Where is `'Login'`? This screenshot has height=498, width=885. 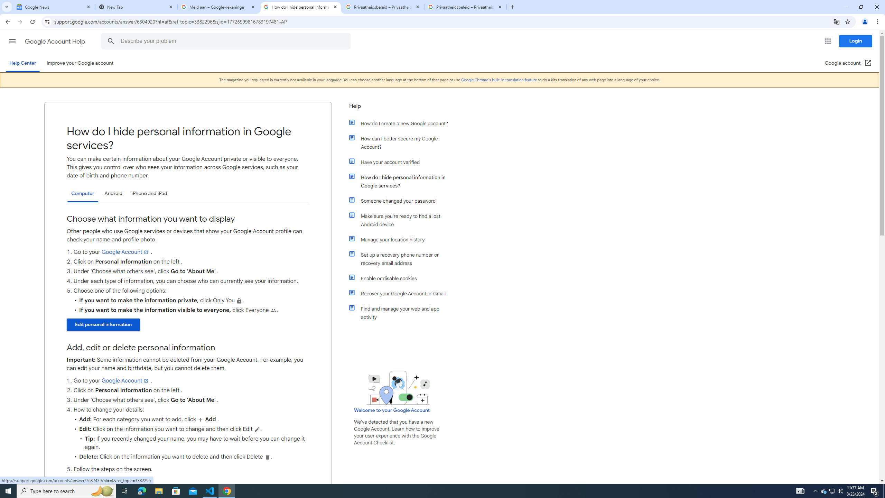 'Login' is located at coordinates (855, 41).